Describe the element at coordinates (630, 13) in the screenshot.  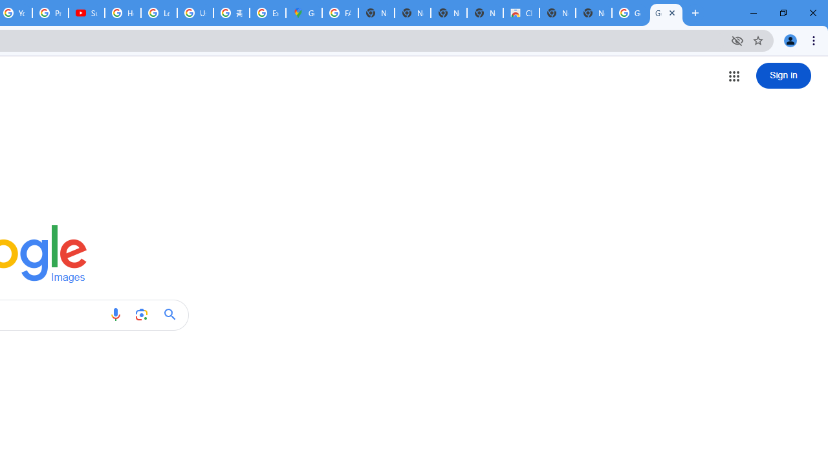
I see `'Google Images'` at that location.